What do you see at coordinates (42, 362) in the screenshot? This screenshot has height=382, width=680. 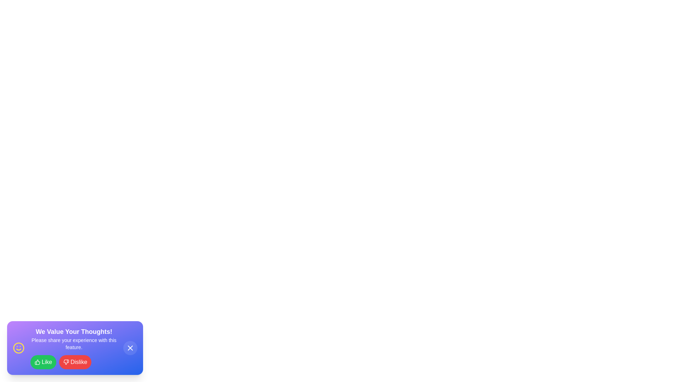 I see `the Like button to observe its visual effect` at bounding box center [42, 362].